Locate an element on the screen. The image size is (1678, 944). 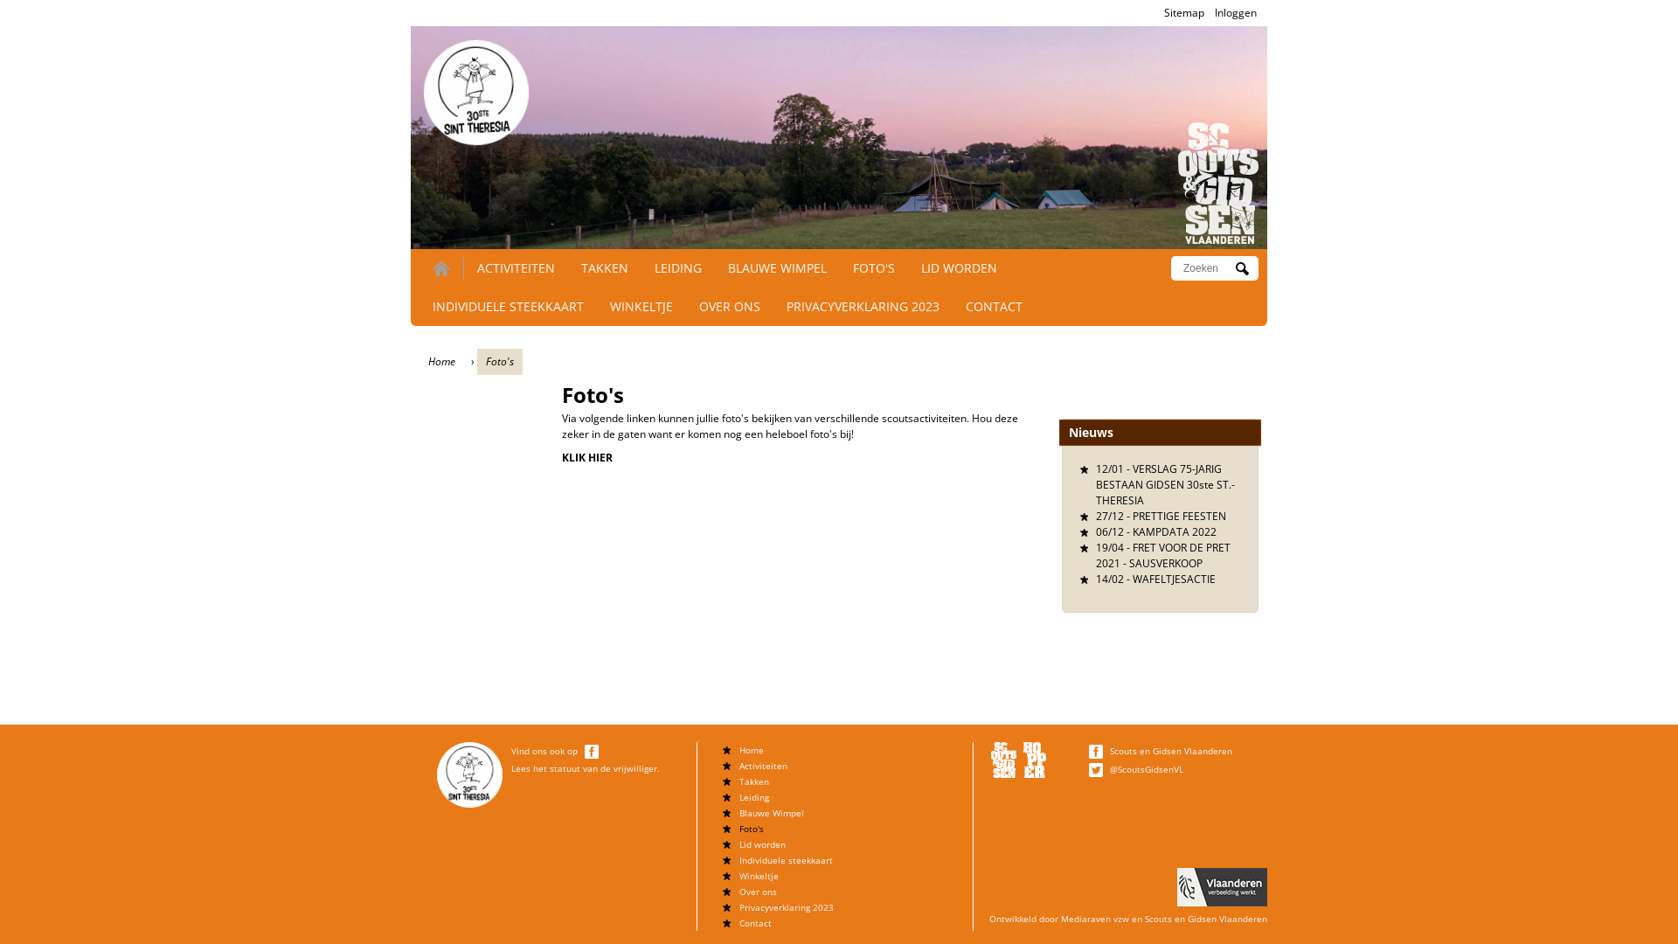
'Scouts & Gidsen Vlaanderen op Facebook' is located at coordinates (1097, 750).